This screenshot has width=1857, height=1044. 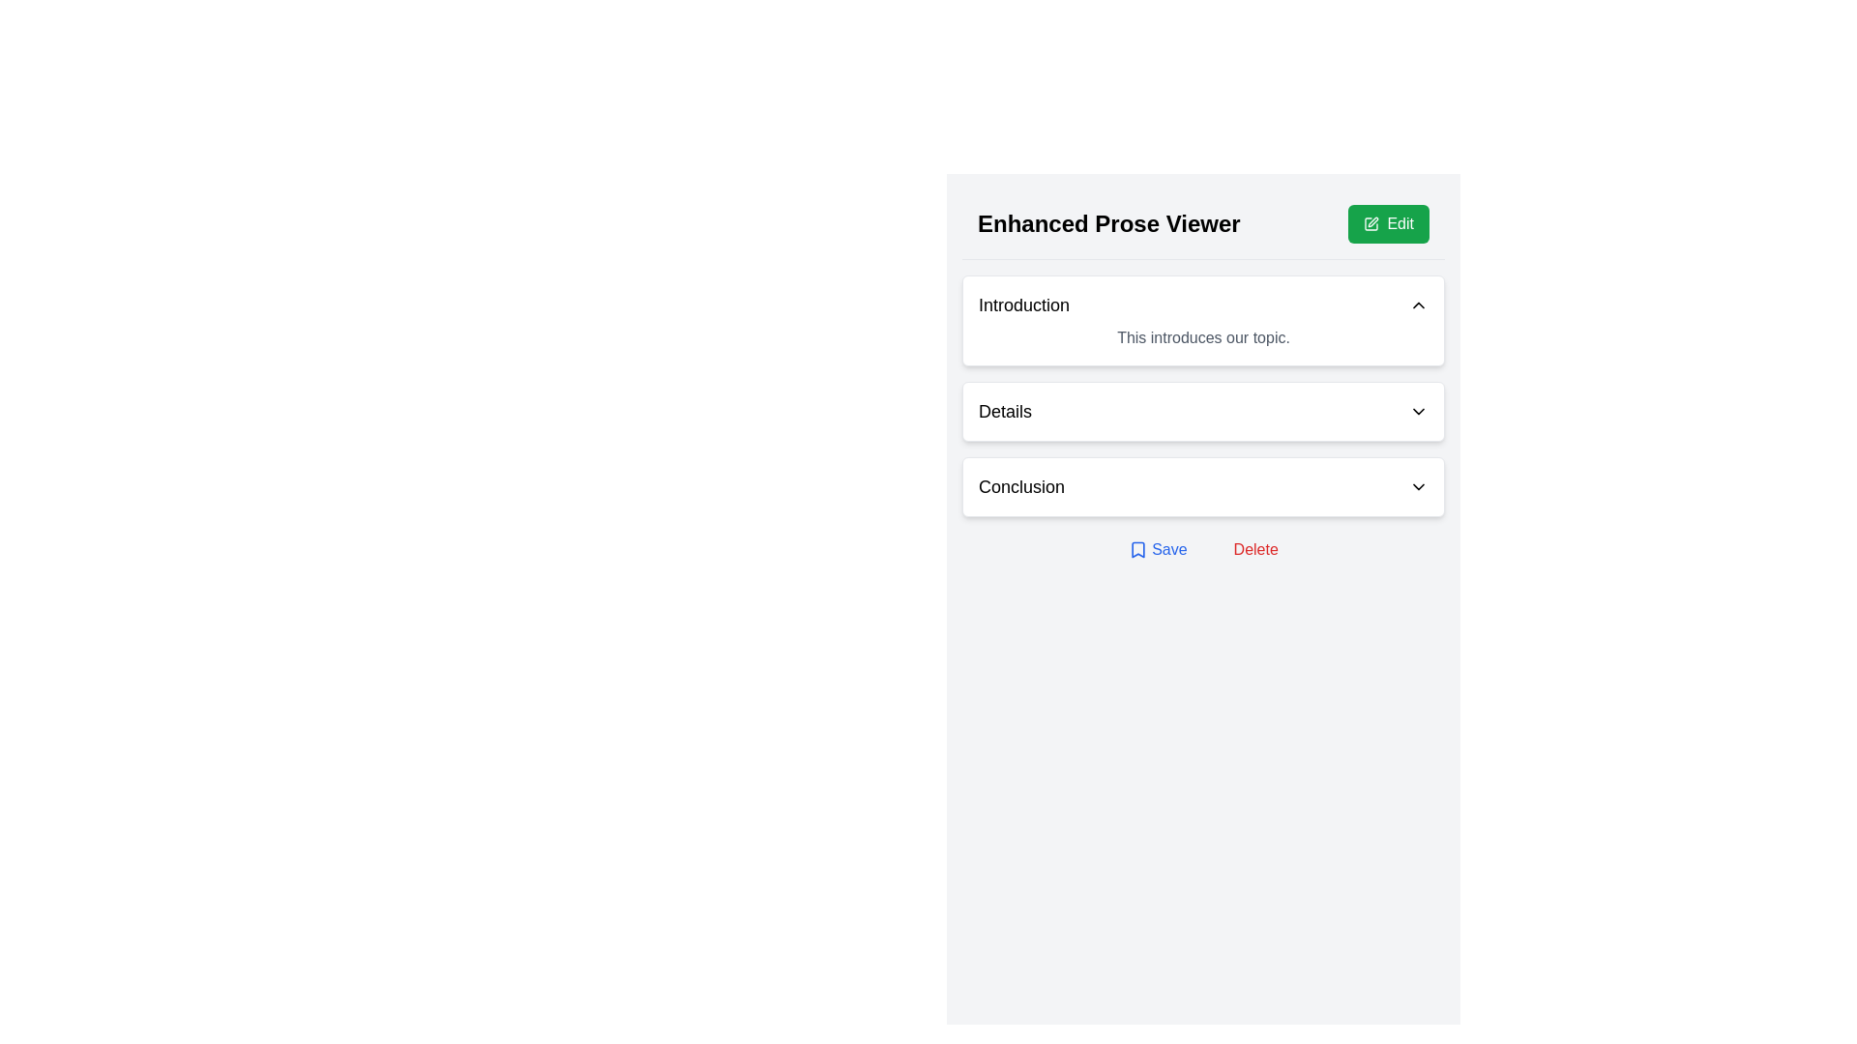 What do you see at coordinates (1419, 410) in the screenshot?
I see `the Dropdown toggle icon, which is a downward-pointing chevron arrow styled with a thin black stroke, located at the right end of the 'Details' text label` at bounding box center [1419, 410].